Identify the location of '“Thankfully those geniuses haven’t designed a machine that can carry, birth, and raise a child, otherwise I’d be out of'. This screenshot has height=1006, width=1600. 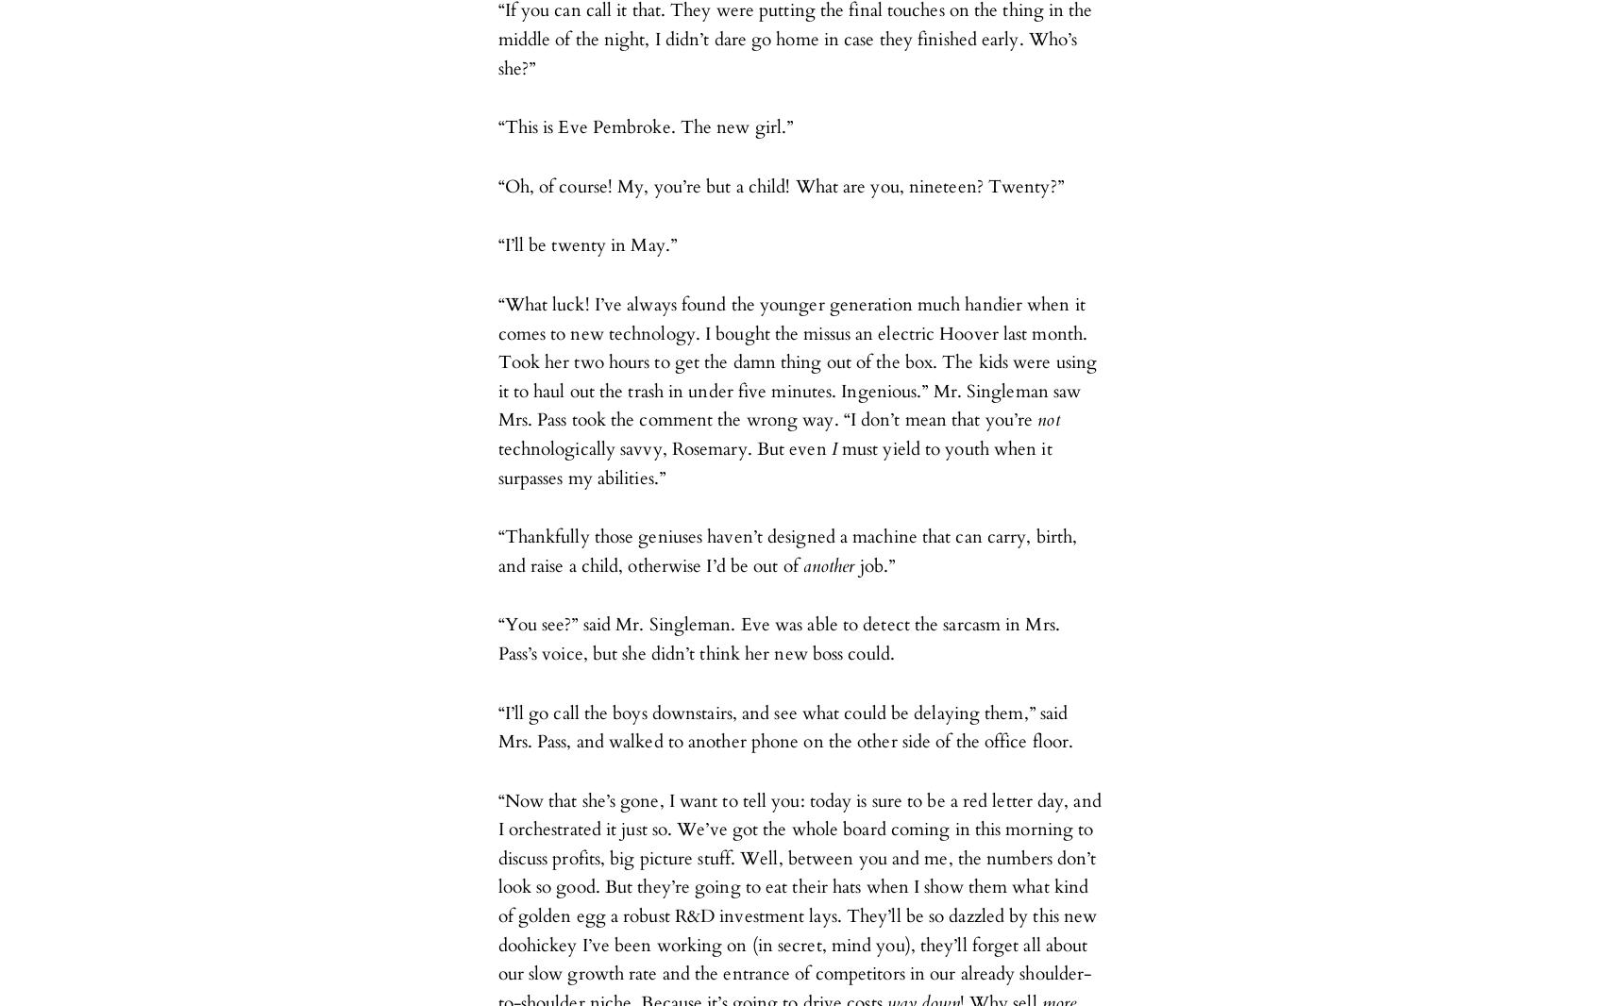
(786, 550).